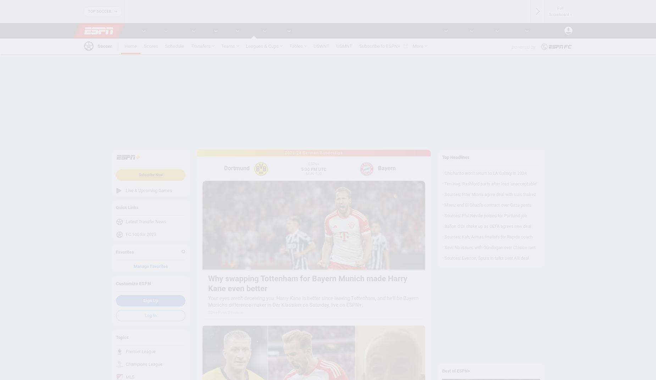 This screenshot has width=656, height=380. Describe the element at coordinates (122, 337) in the screenshot. I see `'Topics'` at that location.